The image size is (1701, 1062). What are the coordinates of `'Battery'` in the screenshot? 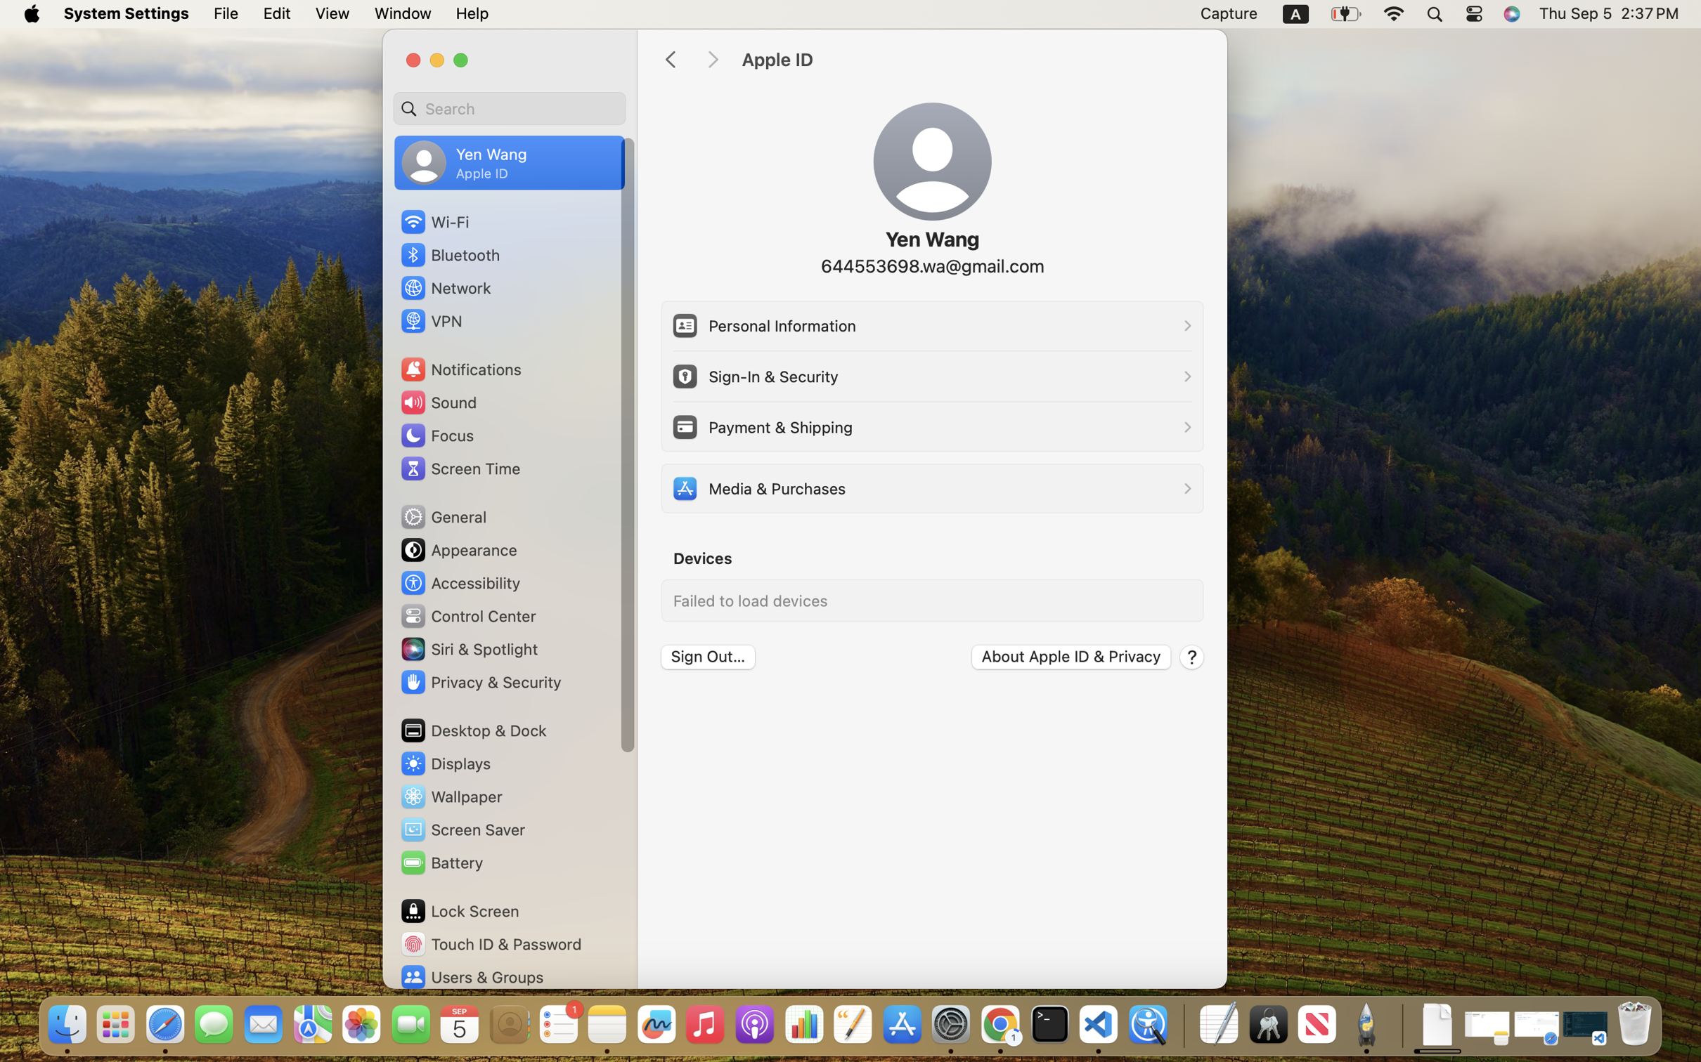 It's located at (441, 861).